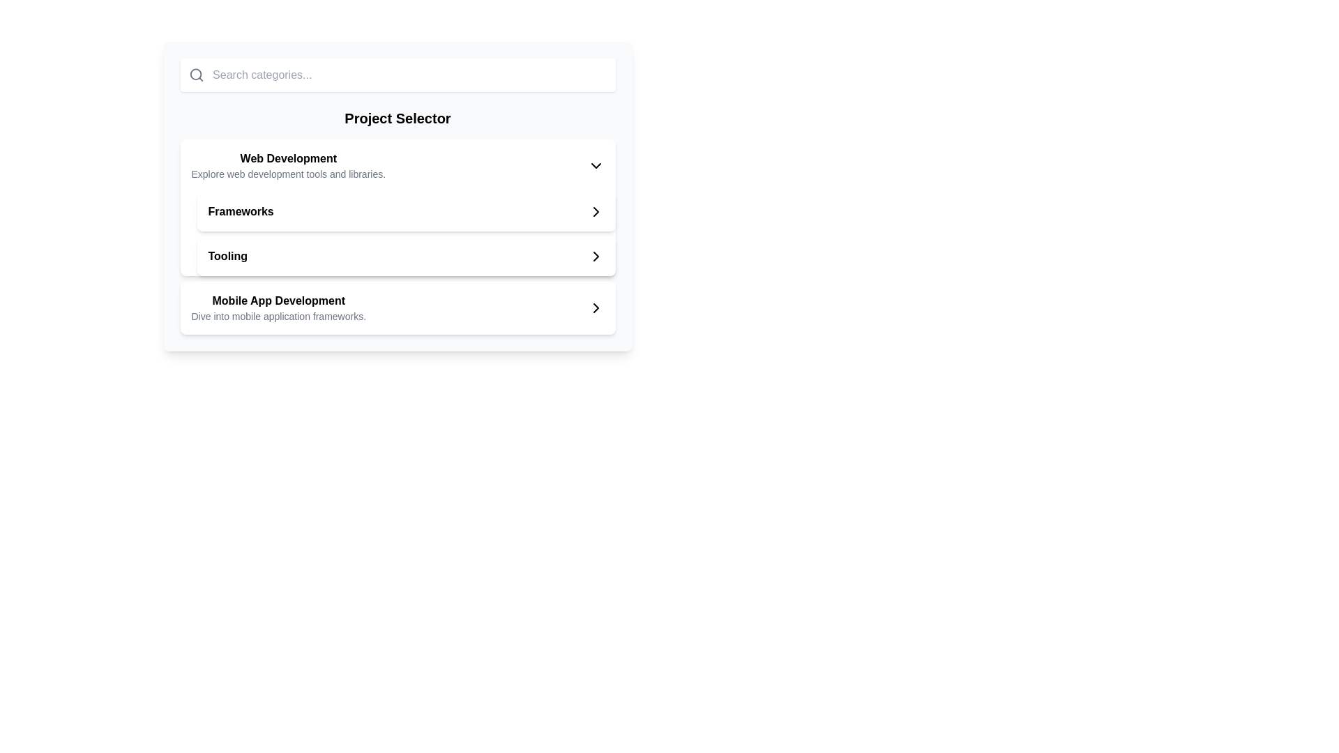 The image size is (1339, 753). Describe the element at coordinates (596, 256) in the screenshot. I see `the navigational icon located at the right-hand side of the 'Tooling' menu item under the 'Web Development' section in the Project Selector interface` at that location.